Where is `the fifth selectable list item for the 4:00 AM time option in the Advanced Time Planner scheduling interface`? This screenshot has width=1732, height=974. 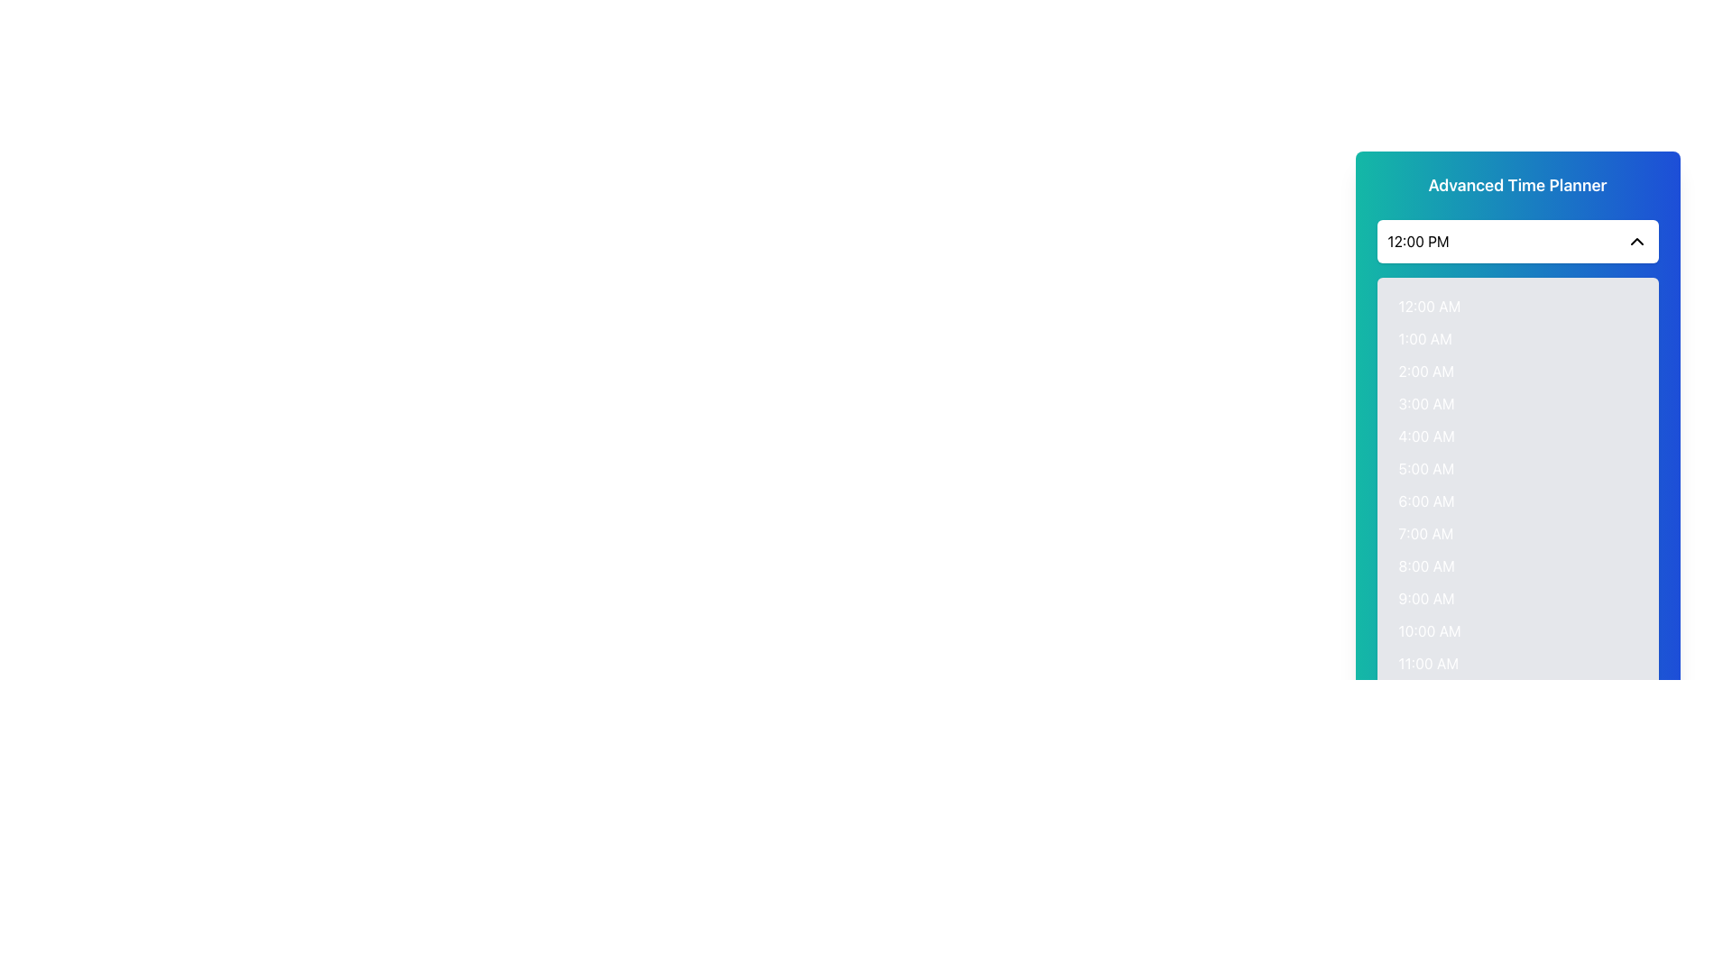
the fifth selectable list item for the 4:00 AM time option in the Advanced Time Planner scheduling interface is located at coordinates (1516, 436).